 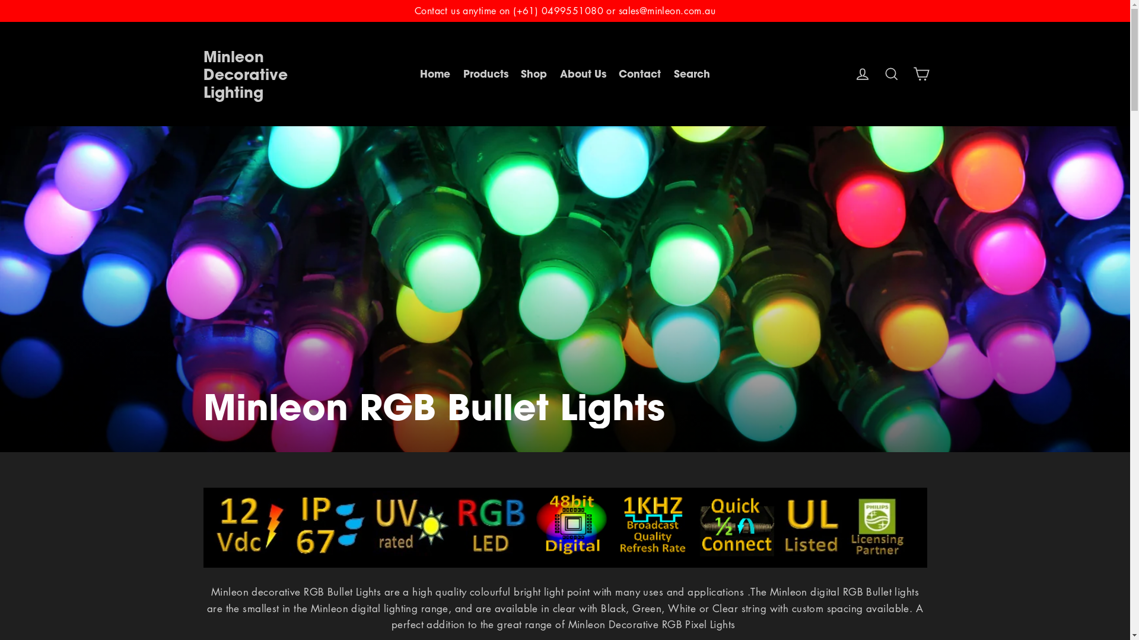 What do you see at coordinates (583, 73) in the screenshot?
I see `'About Us'` at bounding box center [583, 73].